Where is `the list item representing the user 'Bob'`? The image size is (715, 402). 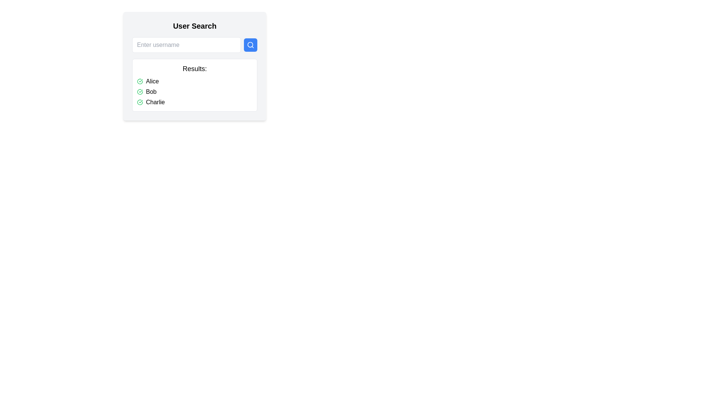 the list item representing the user 'Bob' is located at coordinates (195, 91).